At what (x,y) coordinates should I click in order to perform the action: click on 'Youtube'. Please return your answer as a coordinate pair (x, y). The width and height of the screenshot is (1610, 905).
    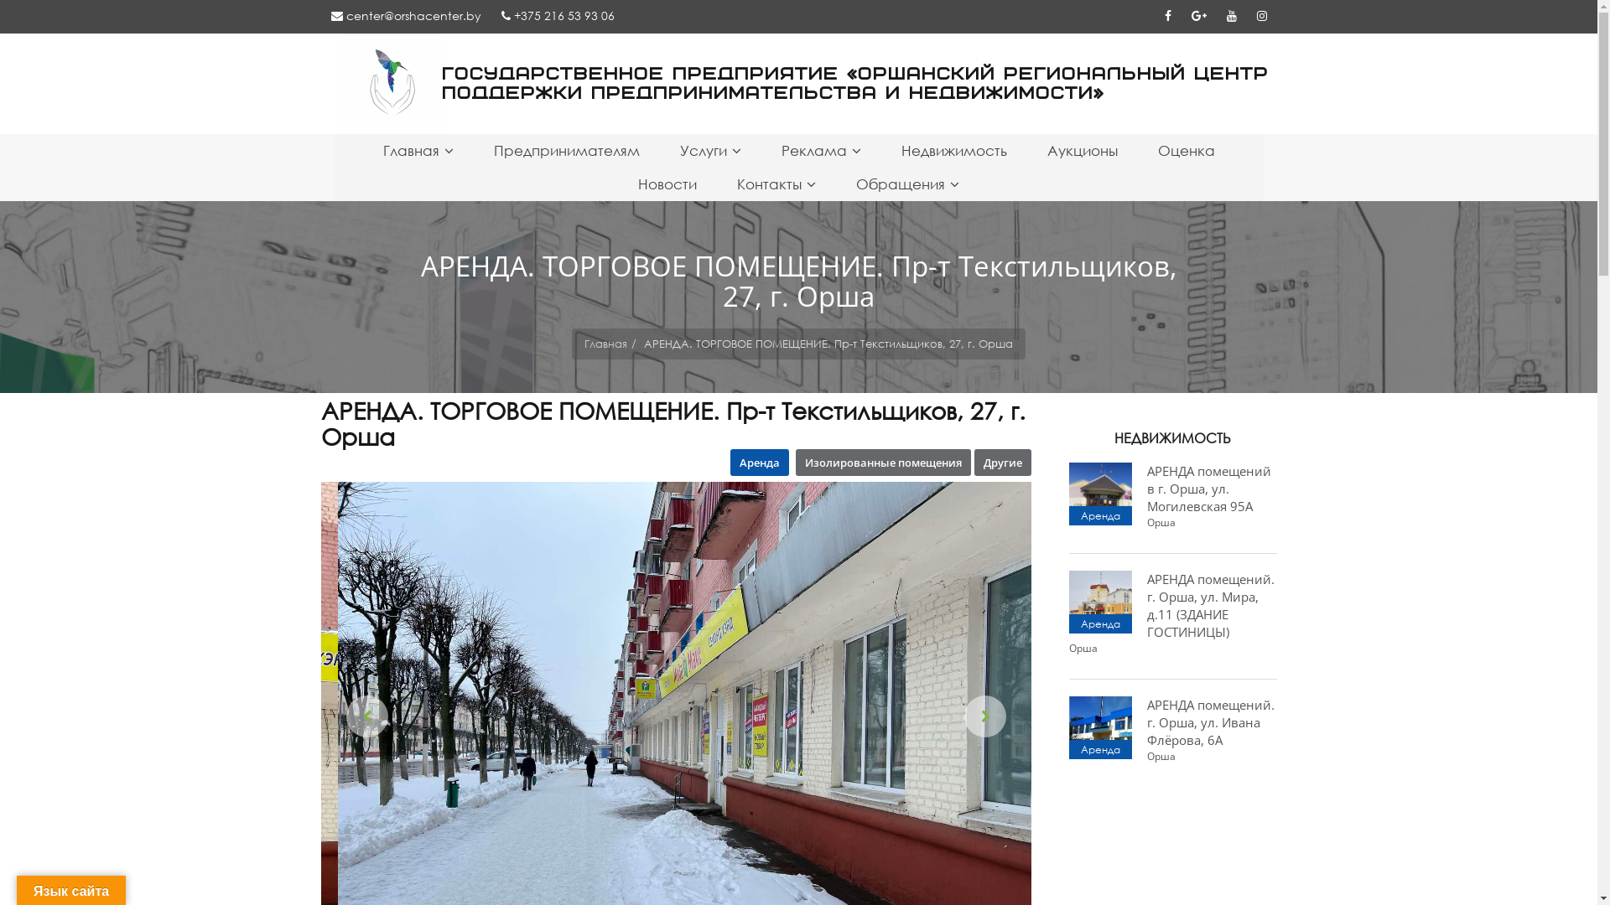
    Looking at the image, I should click on (1231, 15).